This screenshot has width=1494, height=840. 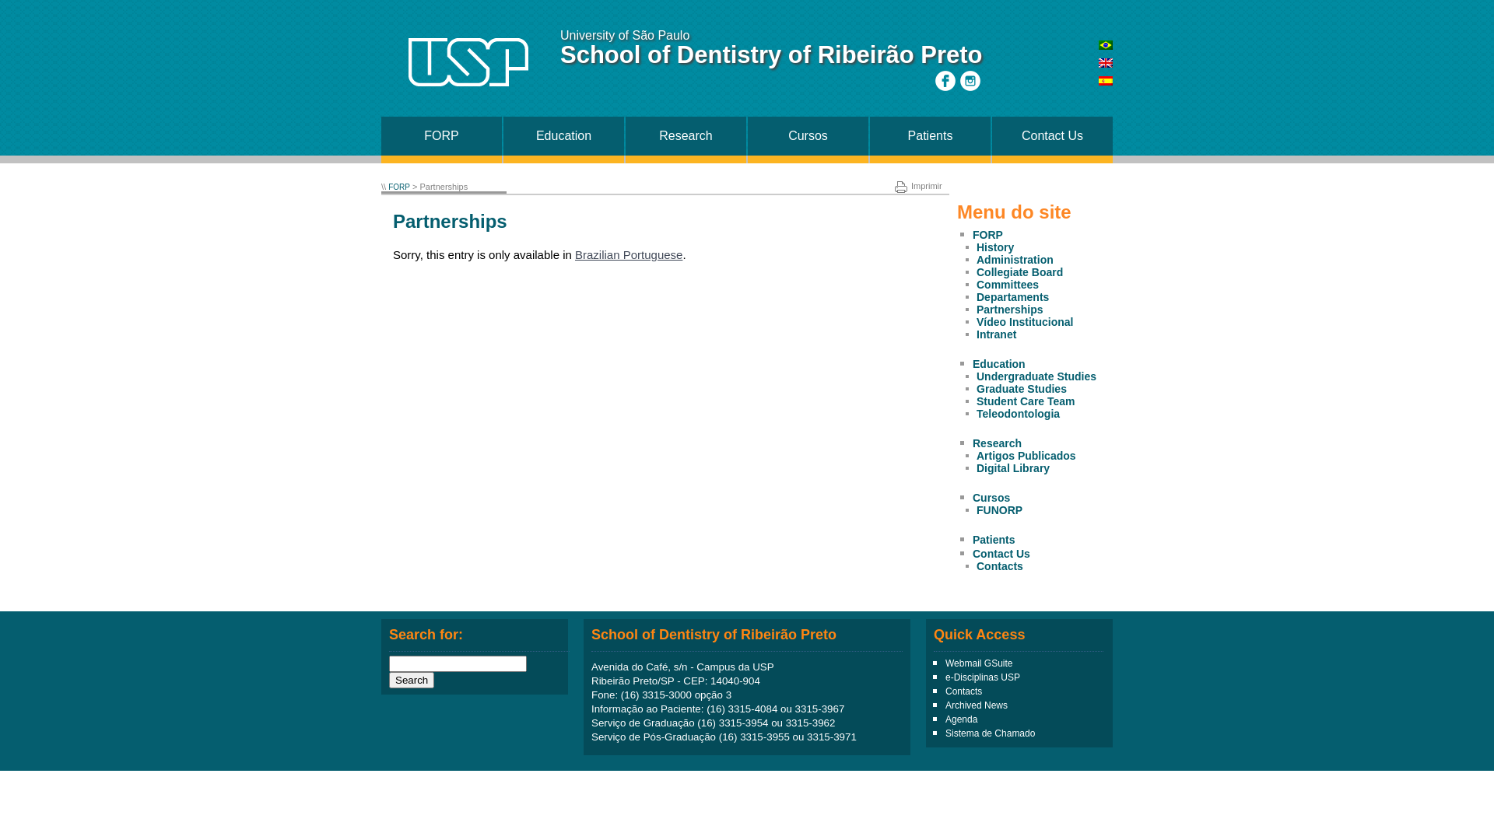 What do you see at coordinates (1036, 376) in the screenshot?
I see `'Undergraduate Studies'` at bounding box center [1036, 376].